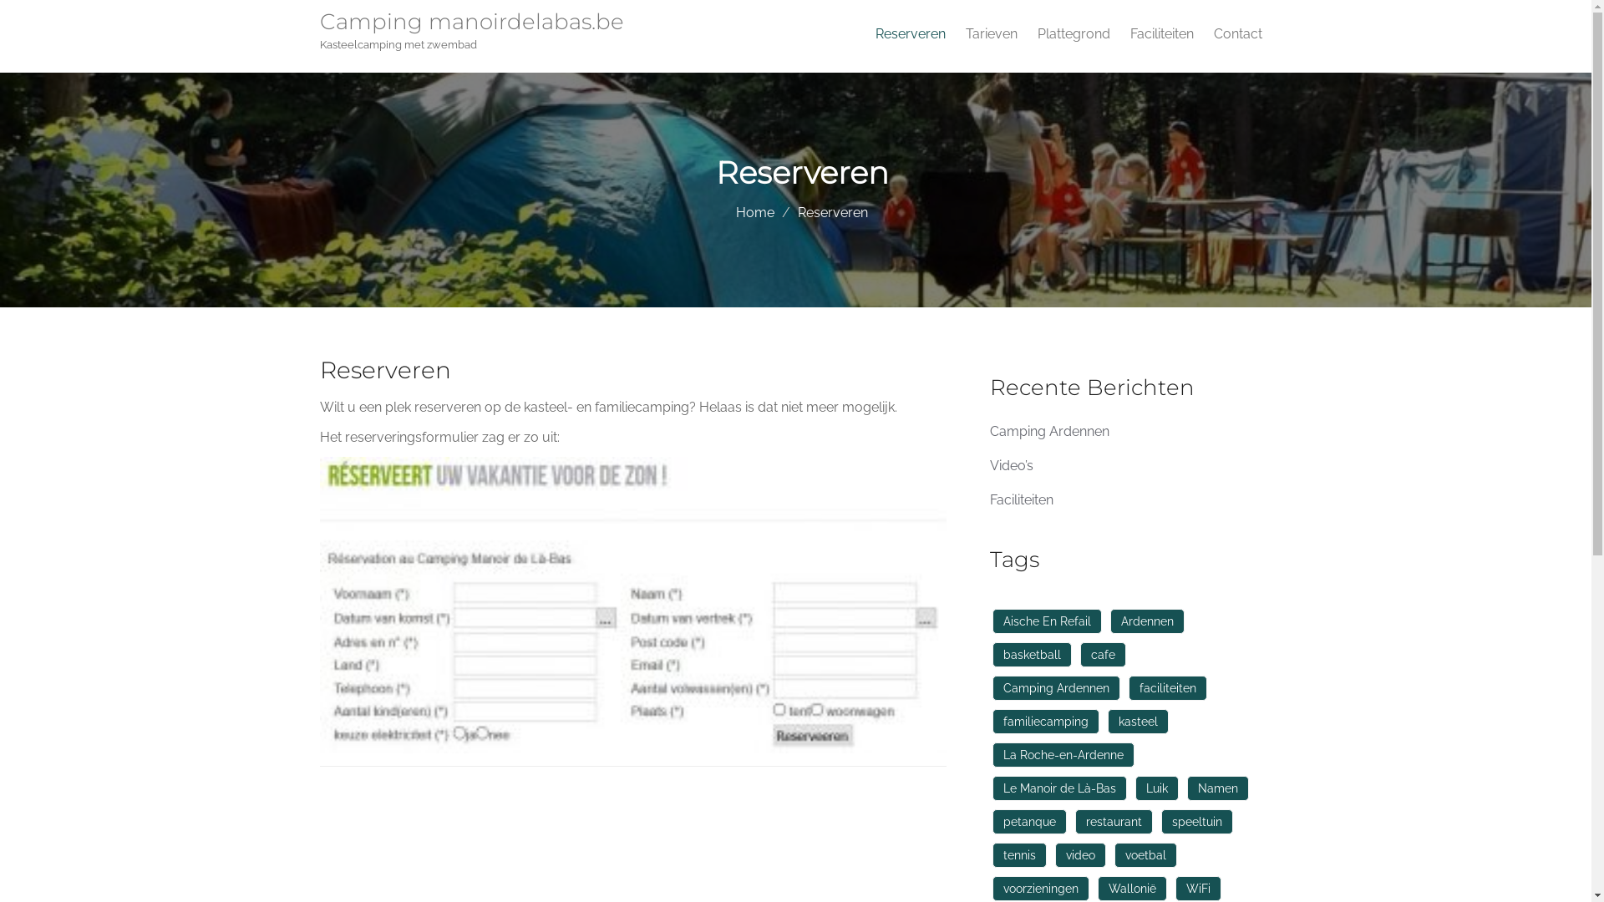  What do you see at coordinates (1165, 688) in the screenshot?
I see `'faciliteiten'` at bounding box center [1165, 688].